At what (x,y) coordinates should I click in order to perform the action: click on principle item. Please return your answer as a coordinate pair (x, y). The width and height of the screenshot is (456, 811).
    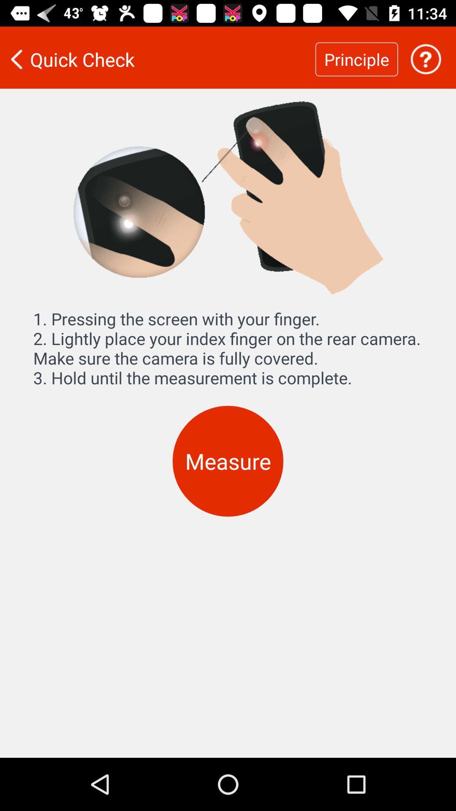
    Looking at the image, I should click on (356, 59).